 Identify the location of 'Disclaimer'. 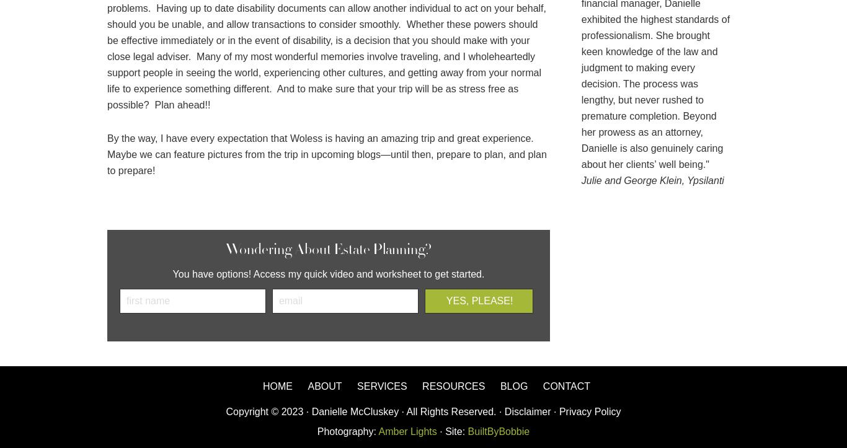
(503, 411).